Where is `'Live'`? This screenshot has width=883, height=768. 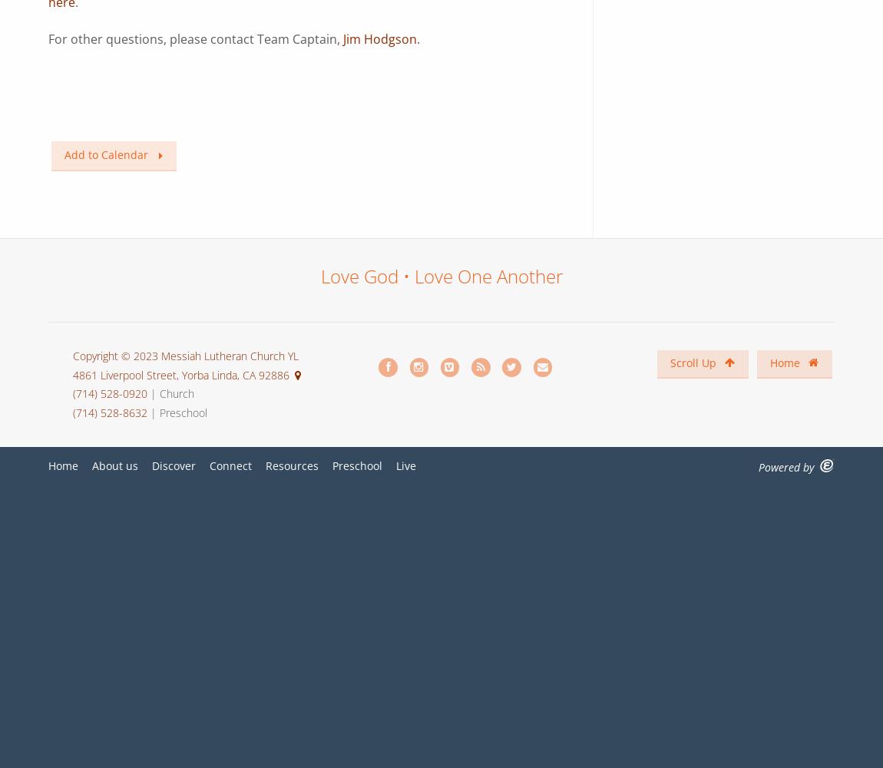 'Live' is located at coordinates (406, 465).